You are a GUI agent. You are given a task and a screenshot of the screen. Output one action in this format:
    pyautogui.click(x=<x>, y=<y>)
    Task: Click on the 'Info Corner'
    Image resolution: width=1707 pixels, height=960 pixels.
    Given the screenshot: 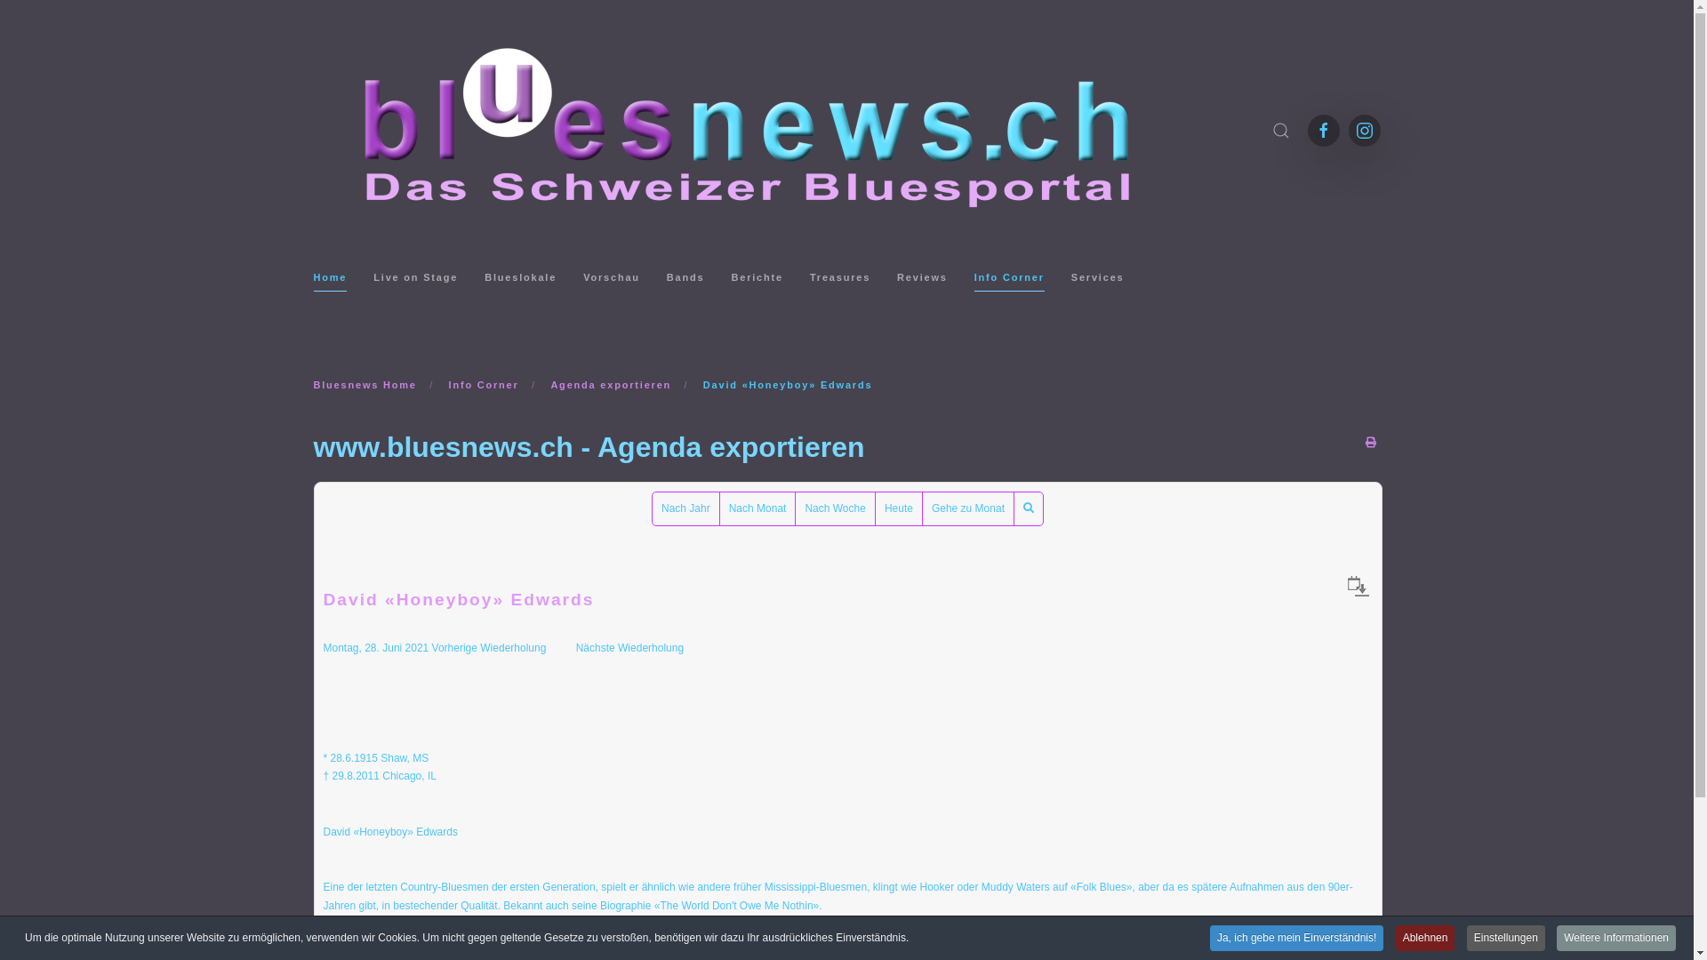 What is the action you would take?
    pyautogui.click(x=484, y=383)
    